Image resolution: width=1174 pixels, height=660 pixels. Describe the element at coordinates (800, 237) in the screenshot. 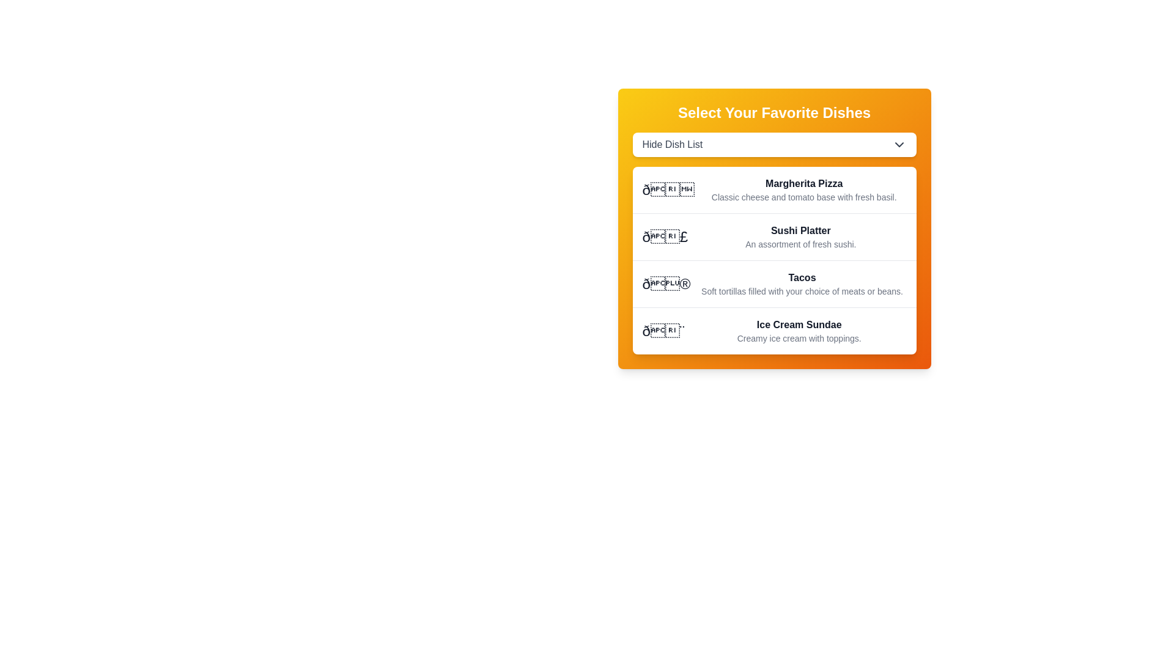

I see `the text content displaying information about the dish 'Sushi Platter', which is centrally located in the second item of the dish selection menu` at that location.